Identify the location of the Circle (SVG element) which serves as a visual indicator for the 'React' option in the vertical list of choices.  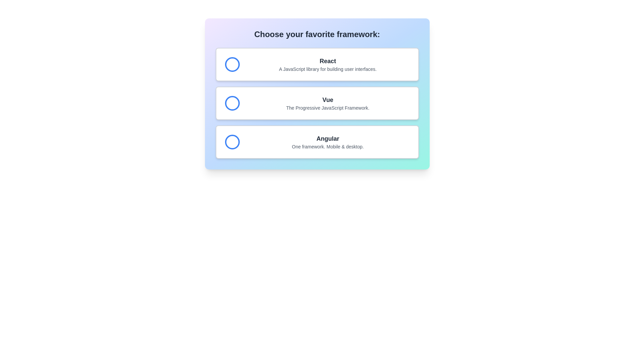
(232, 64).